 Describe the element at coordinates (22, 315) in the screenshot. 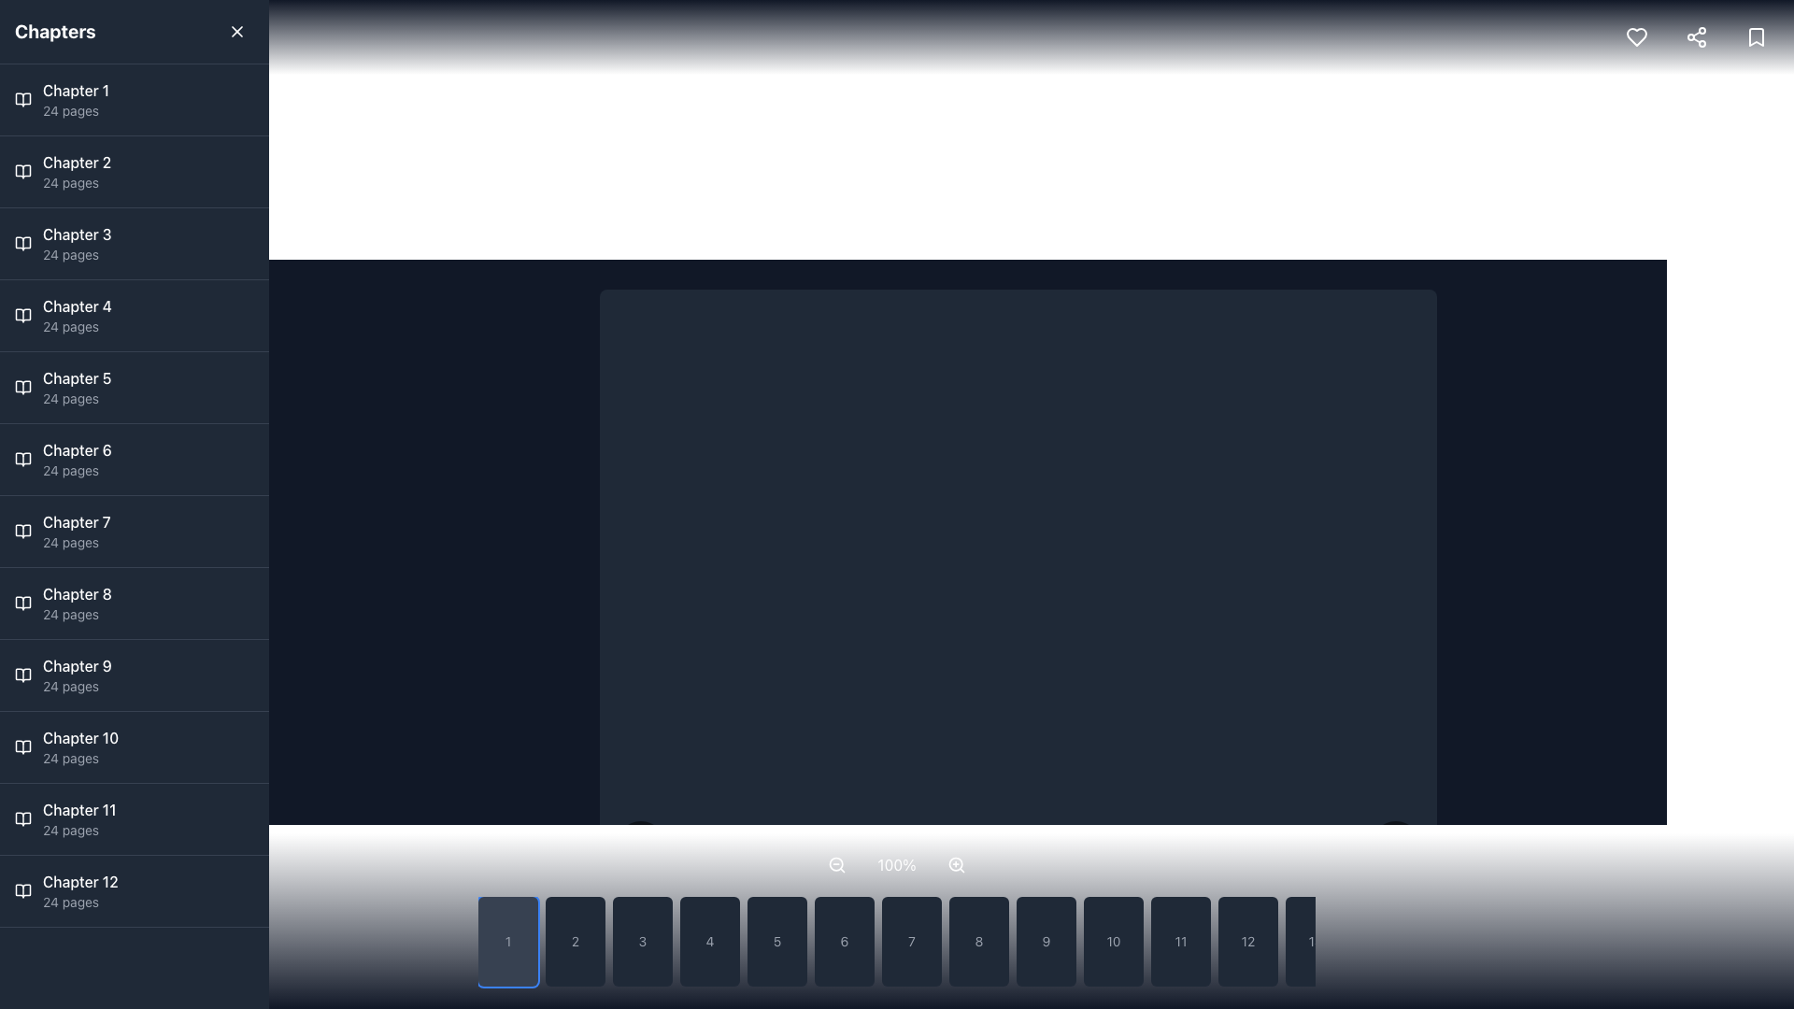

I see `the chapter icon located in the sidebar for 'Chapter 4', which visually indicates that this list item pertains to a chapter or section` at that location.